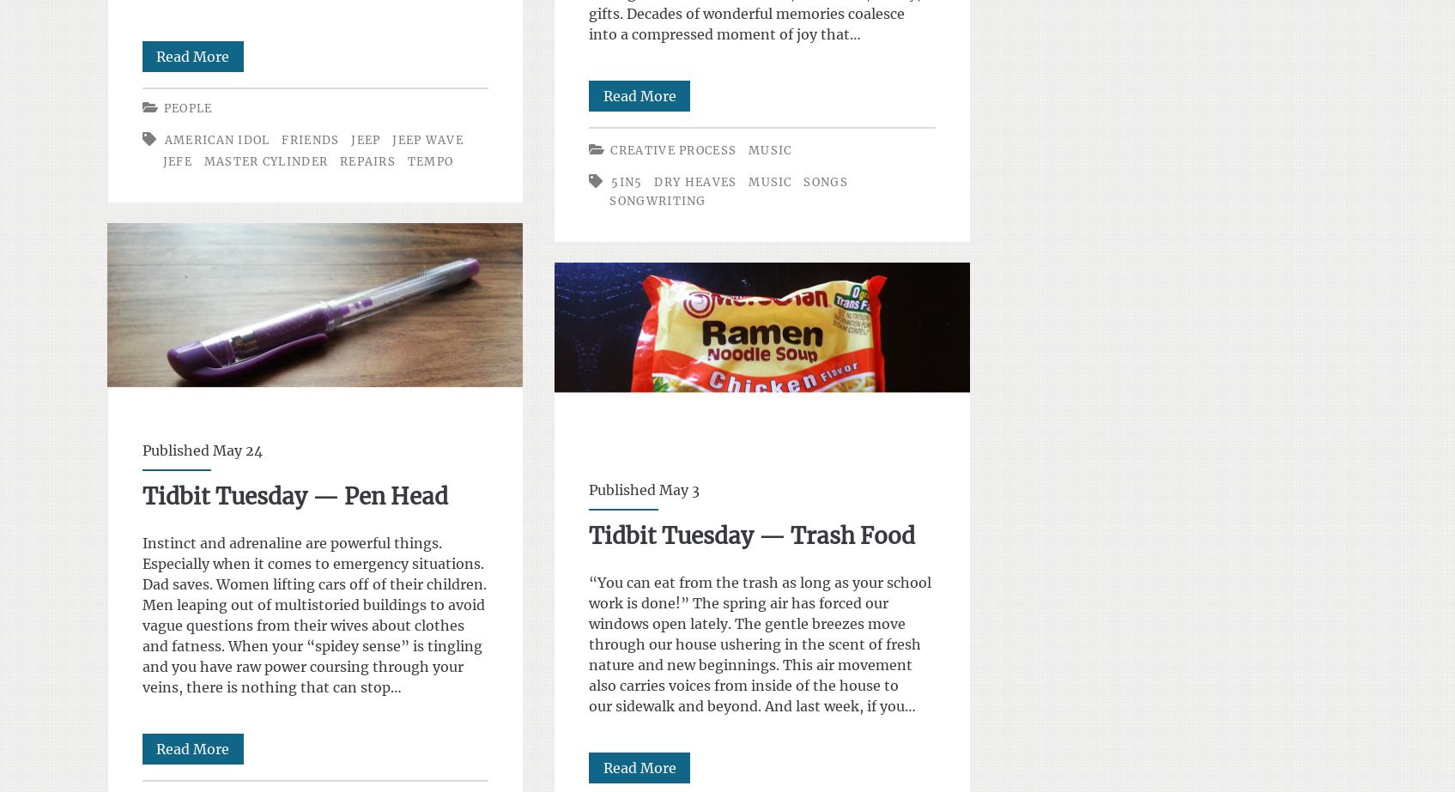 The width and height of the screenshot is (1455, 792). What do you see at coordinates (653, 182) in the screenshot?
I see `'dry heaves'` at bounding box center [653, 182].